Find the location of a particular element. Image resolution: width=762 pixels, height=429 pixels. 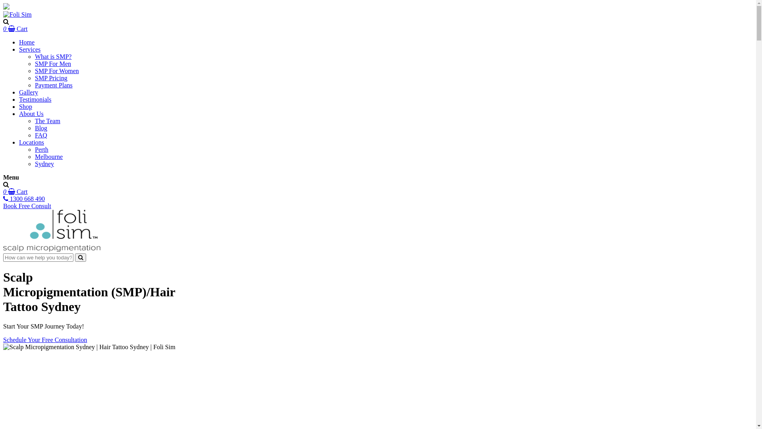

'FAQ' is located at coordinates (40, 135).